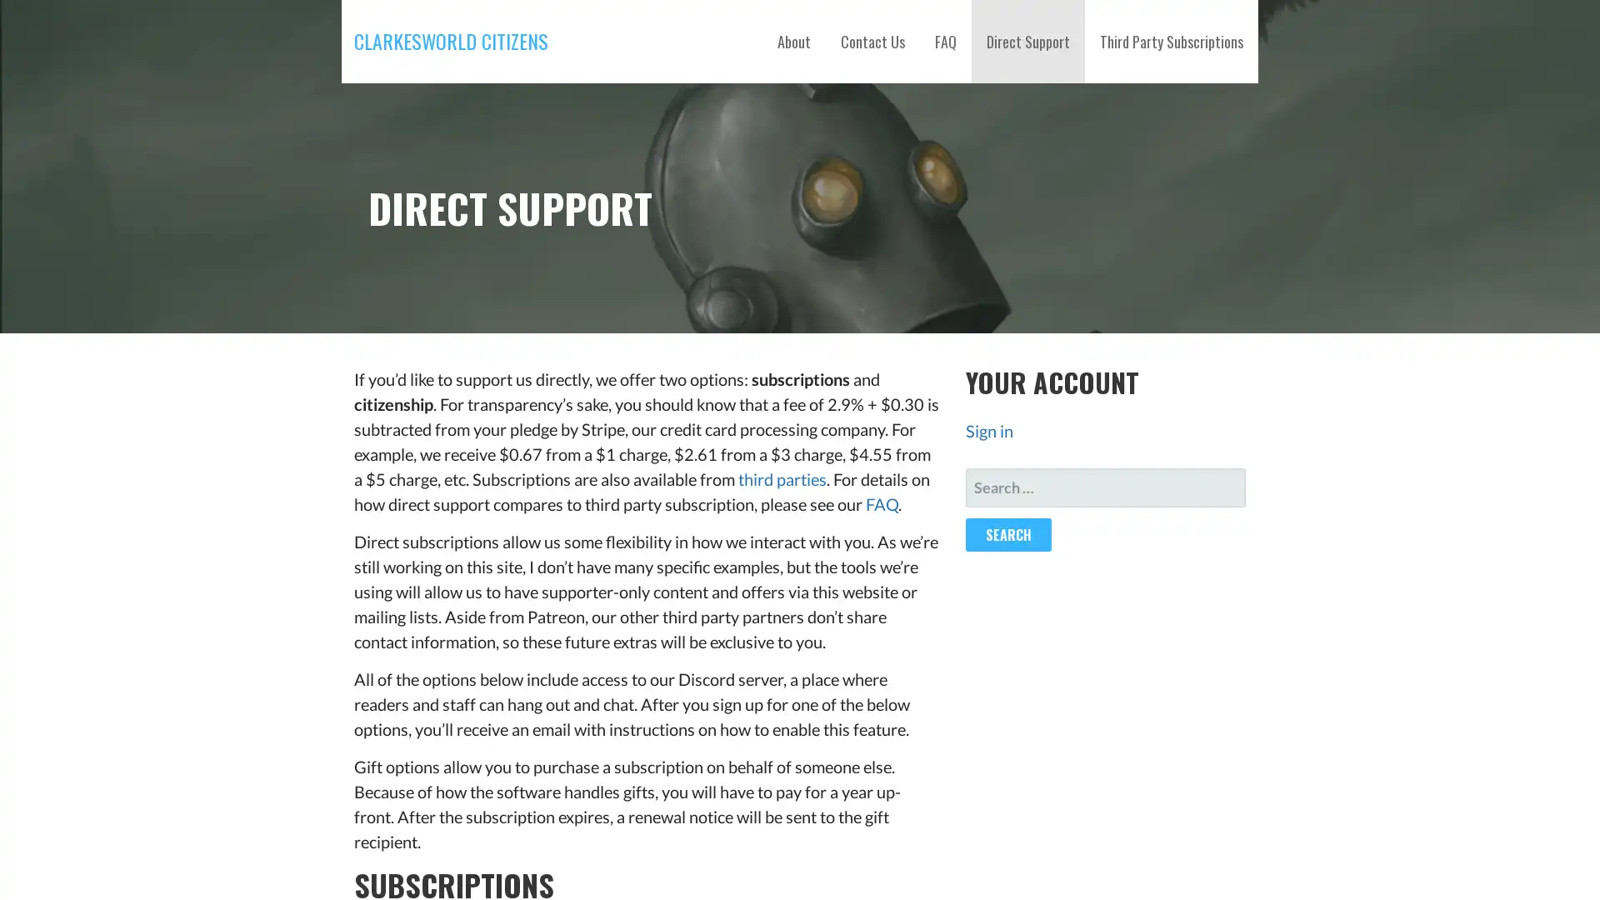 The width and height of the screenshot is (1600, 900). What do you see at coordinates (1007, 534) in the screenshot?
I see `Search` at bounding box center [1007, 534].